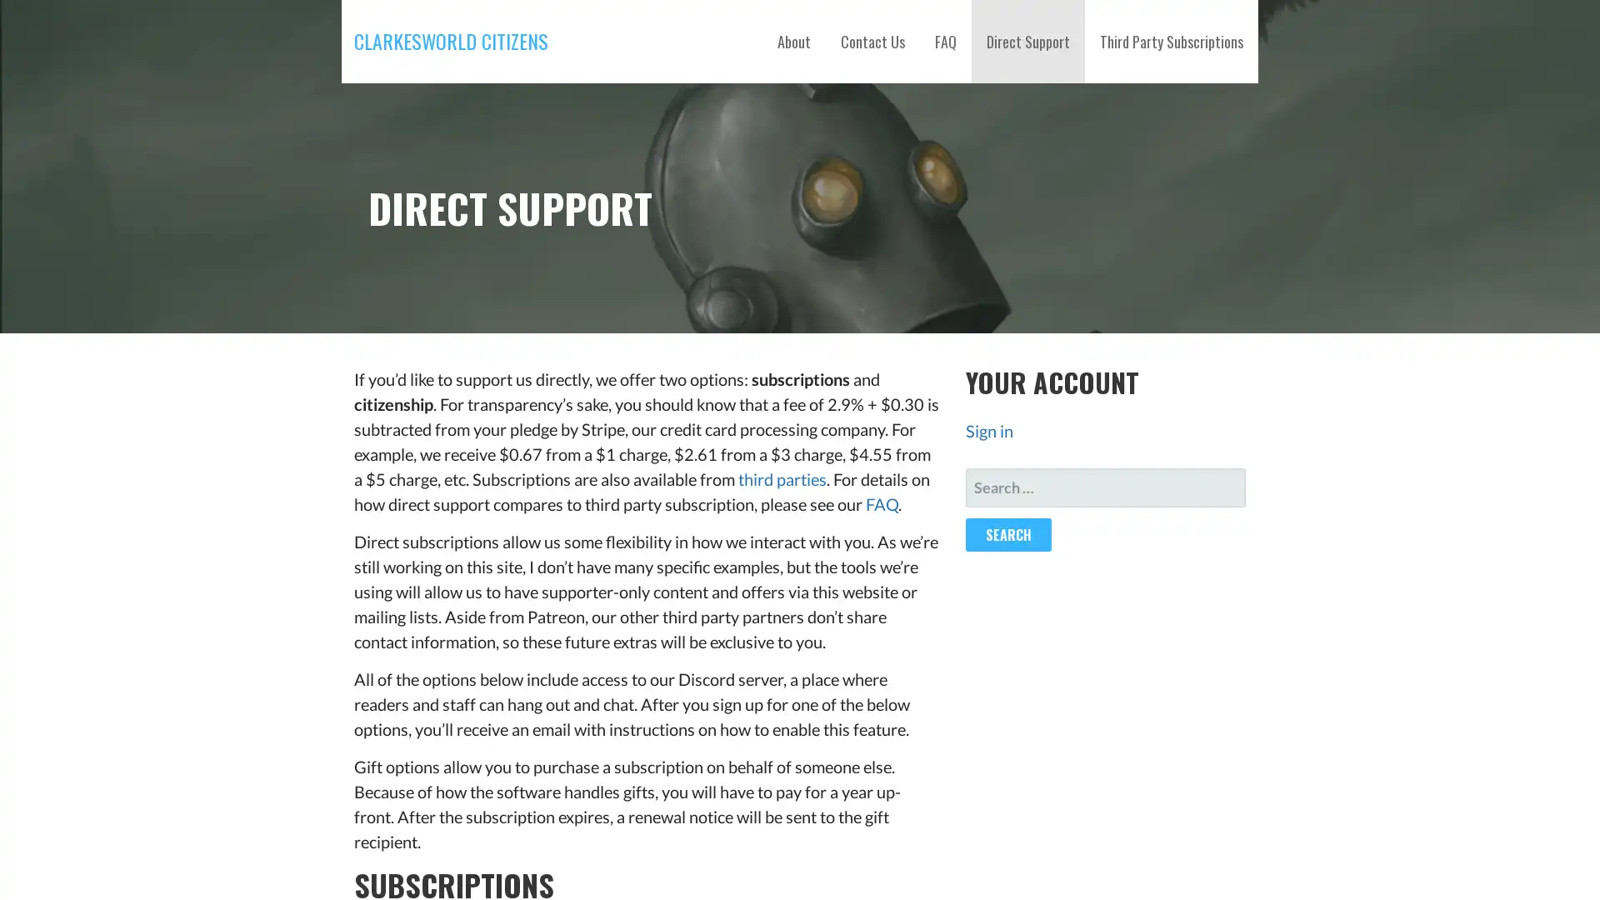 The width and height of the screenshot is (1600, 900). What do you see at coordinates (1007, 534) in the screenshot?
I see `Search` at bounding box center [1007, 534].